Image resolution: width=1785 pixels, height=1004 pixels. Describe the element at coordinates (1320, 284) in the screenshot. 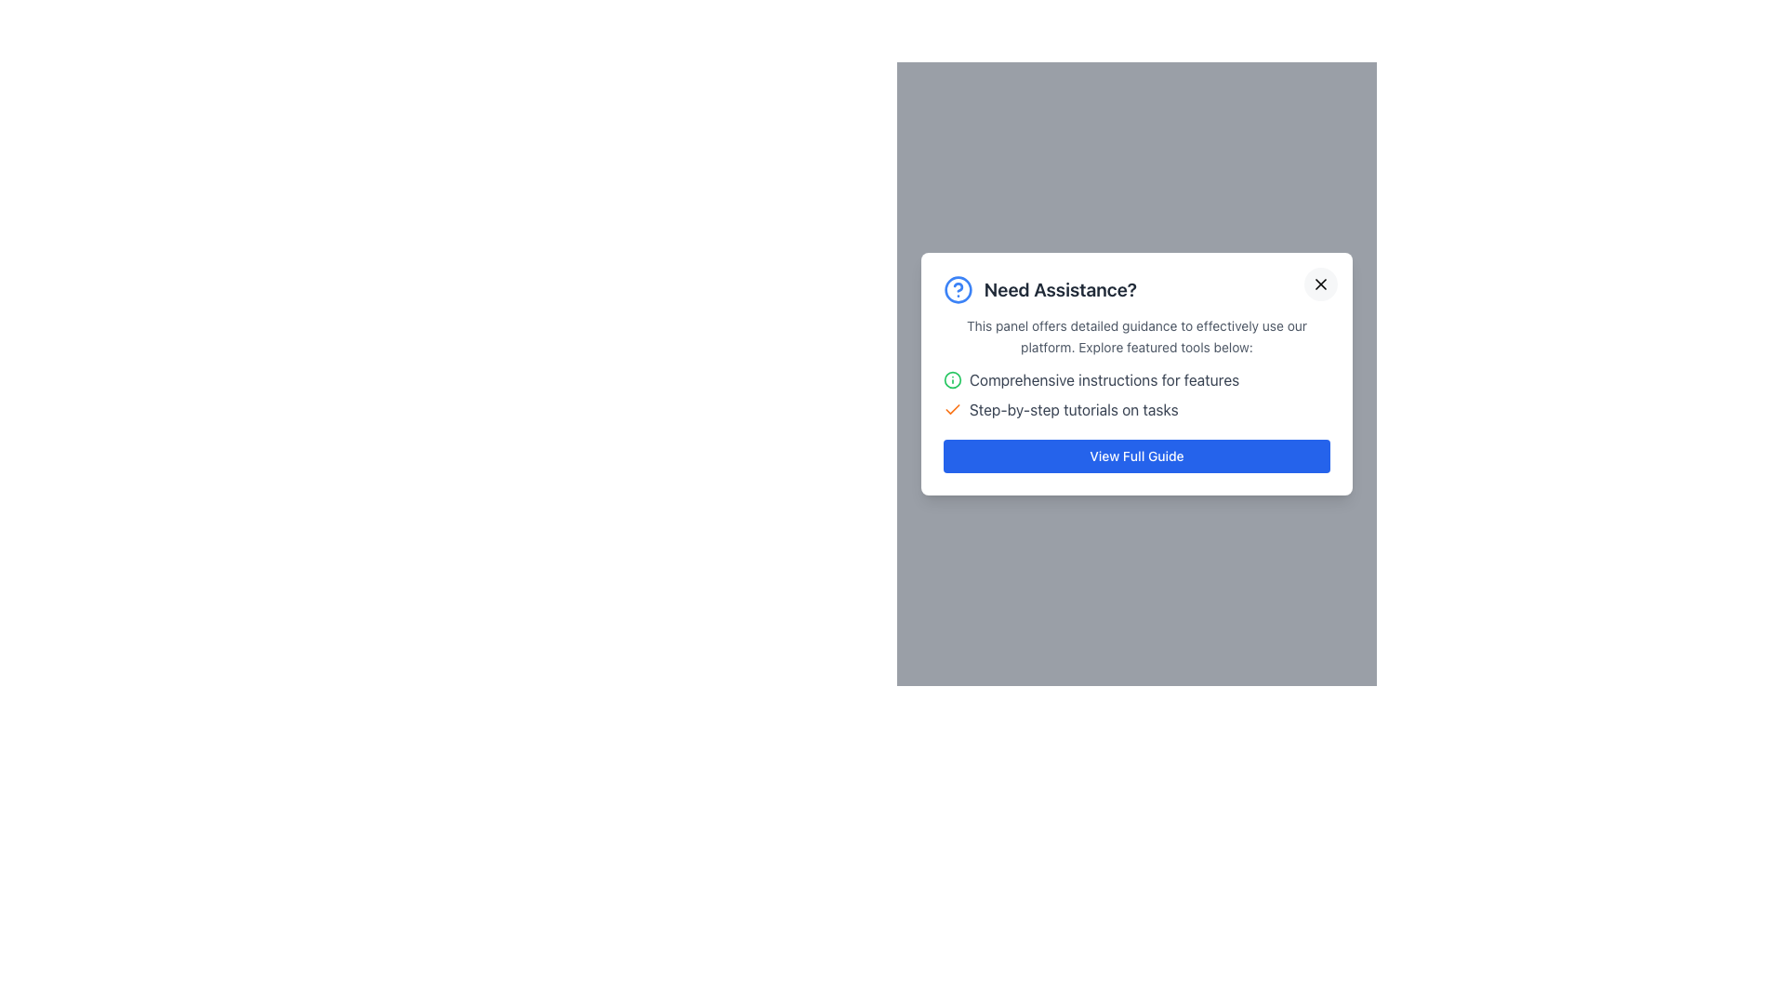

I see `the icon button located in the upper-right corner of the dialog box labeled 'Need Assistance?'` at that location.